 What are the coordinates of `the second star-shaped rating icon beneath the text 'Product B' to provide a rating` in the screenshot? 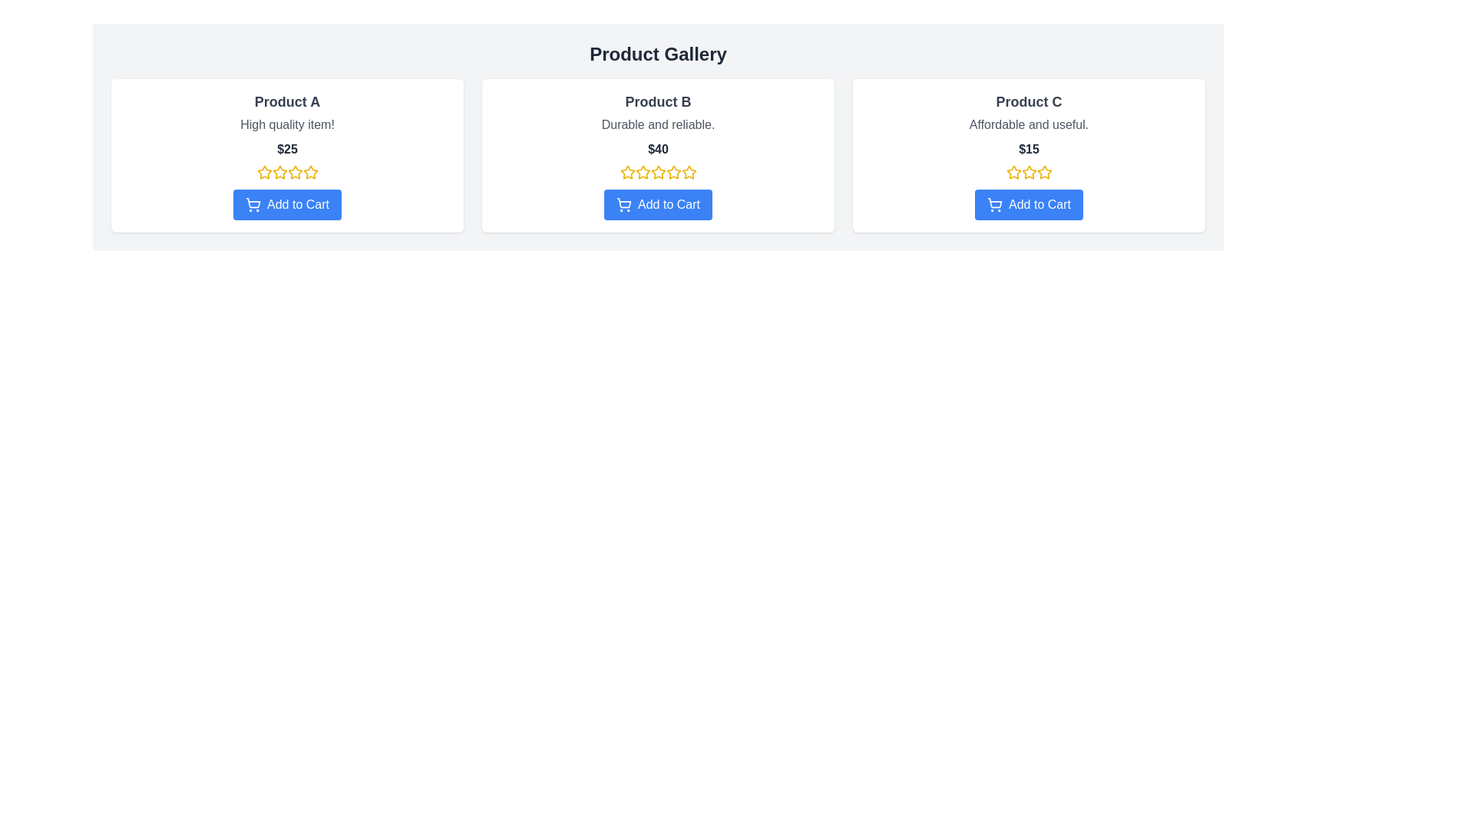 It's located at (643, 172).